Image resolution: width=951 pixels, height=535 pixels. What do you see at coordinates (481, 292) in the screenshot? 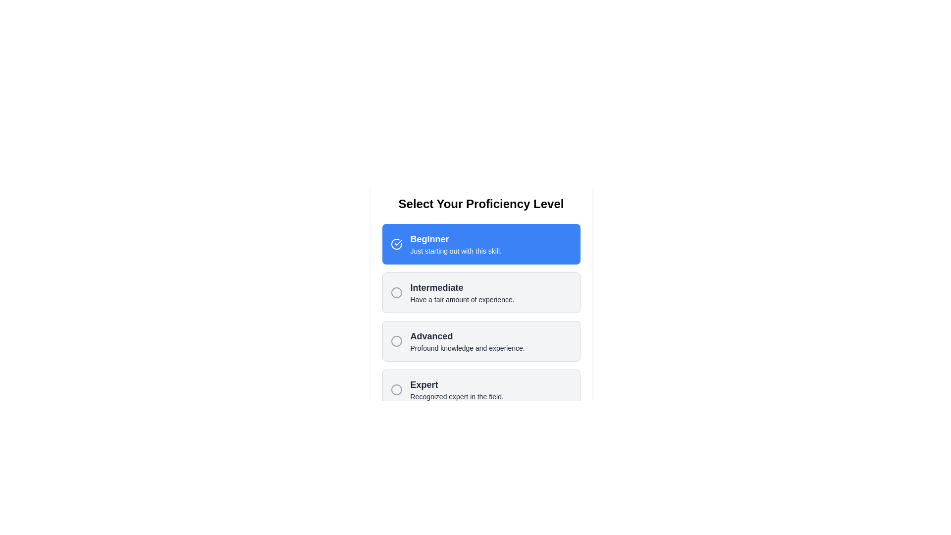
I see `the selectable card indicating the intermediate level of expertise, which is the second option in a vertical stack of four options` at bounding box center [481, 292].